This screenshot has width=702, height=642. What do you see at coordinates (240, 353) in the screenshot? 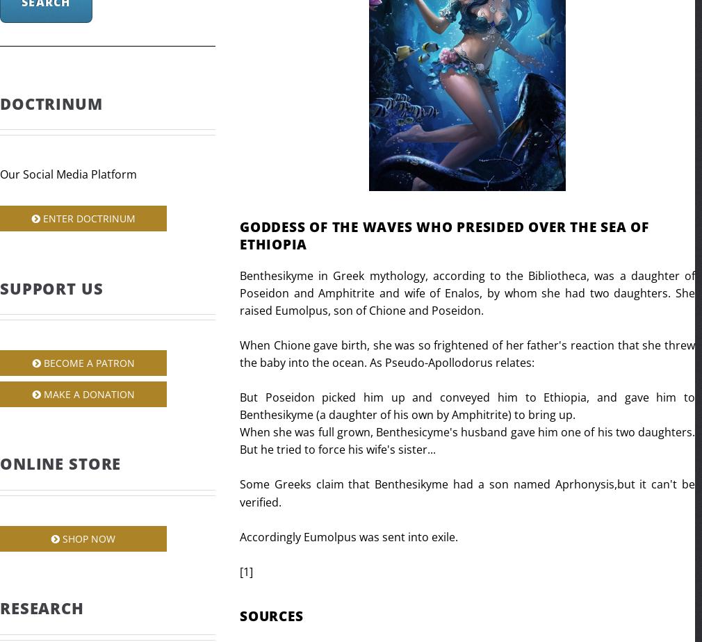
I see `'When Chione gave birth, she was so frightened of her father's reaction that she threw the baby into the ocean. As Pseudo-Apollodorus relates:'` at bounding box center [240, 353].